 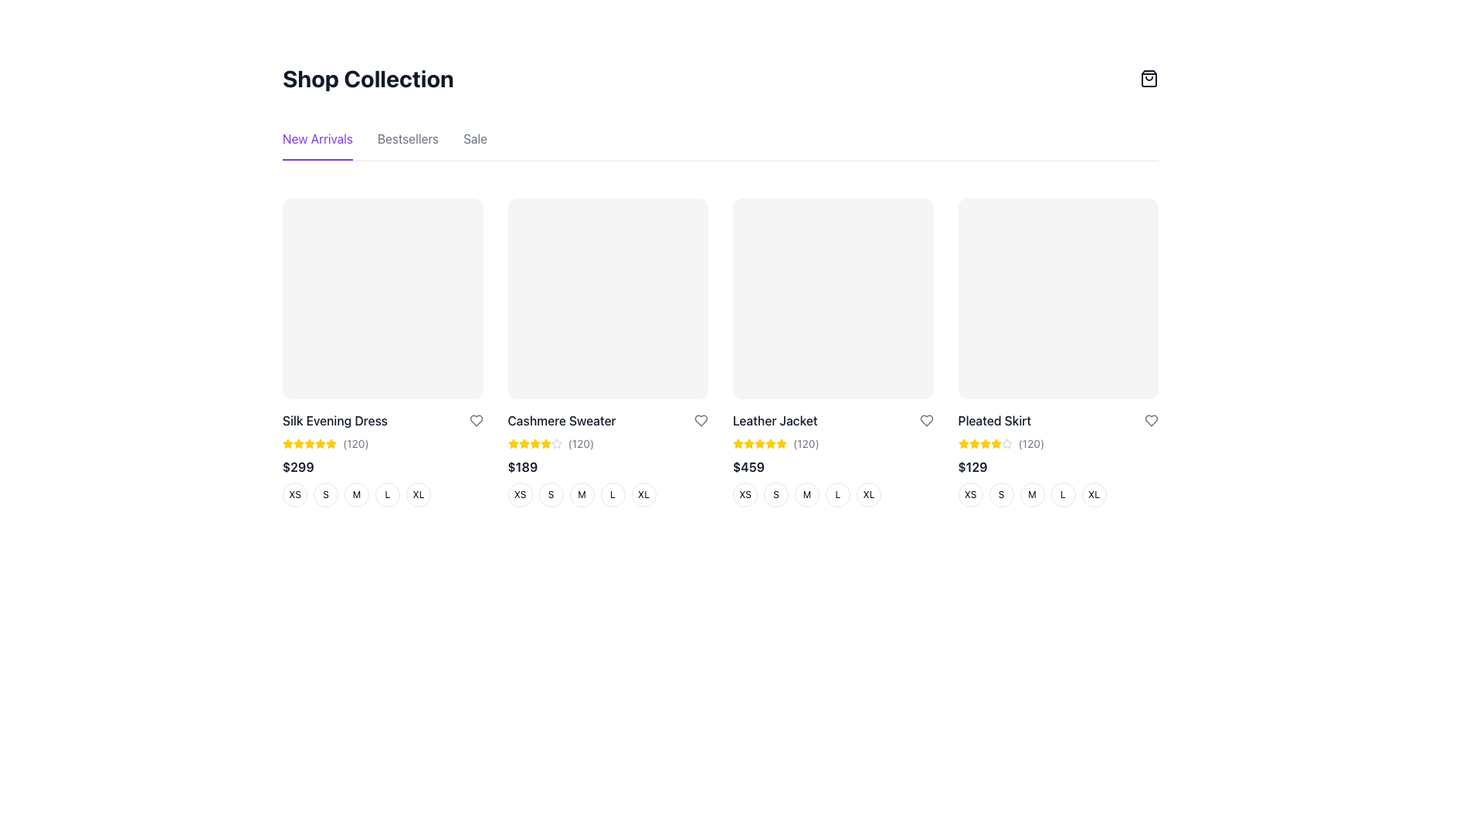 What do you see at coordinates (832, 443) in the screenshot?
I see `number of reviews from the Rating display located above the price '$459' and below the product name in the 'Leather Jacket' product card` at bounding box center [832, 443].